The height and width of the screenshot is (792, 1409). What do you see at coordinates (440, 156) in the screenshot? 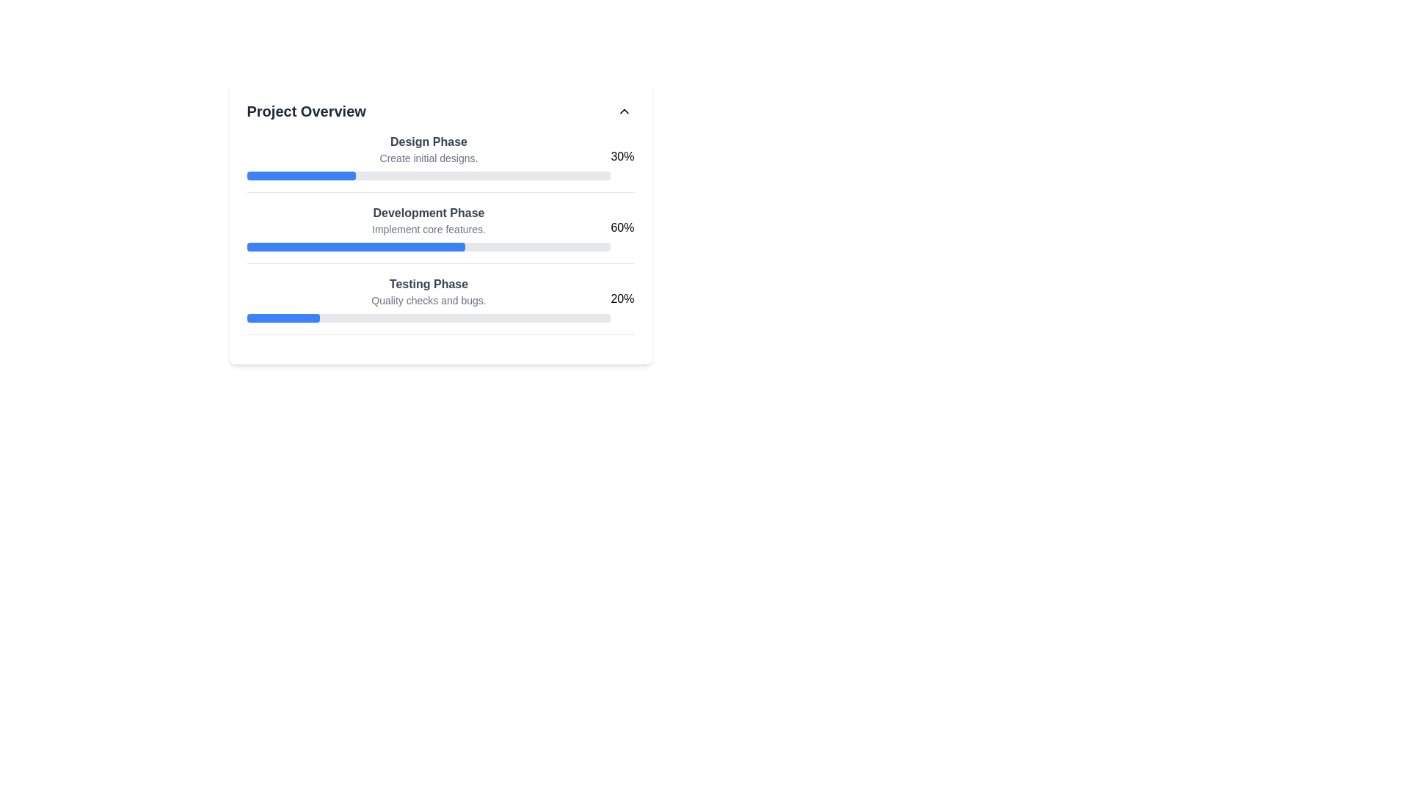
I see `the 'Design Phase' progress bar header text` at bounding box center [440, 156].